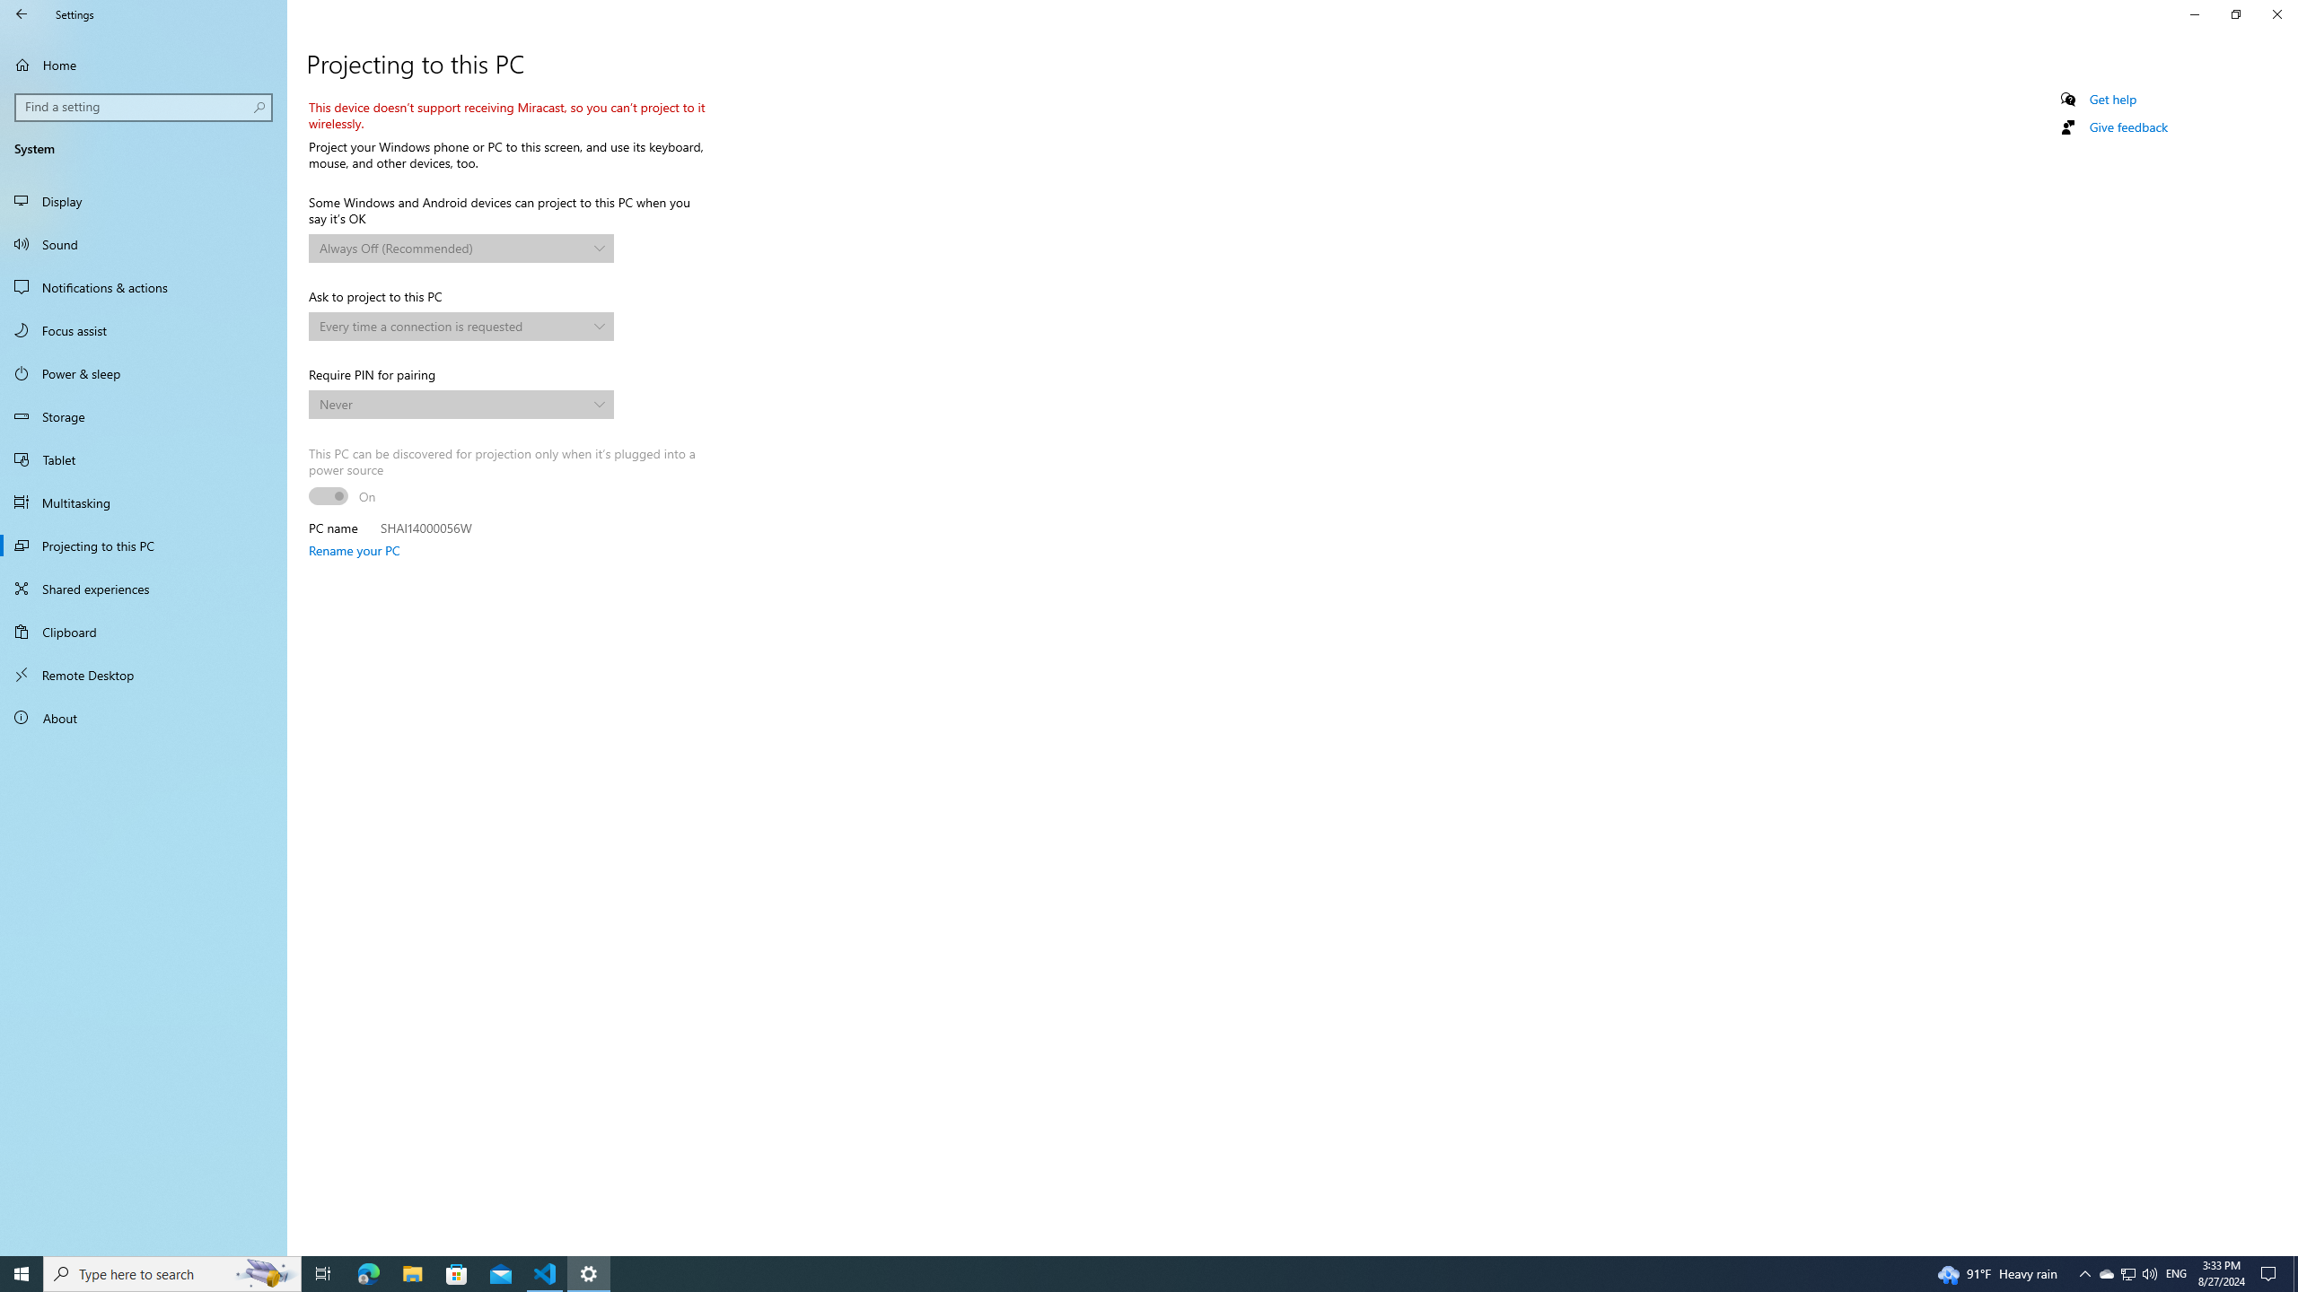 Image resolution: width=2298 pixels, height=1292 pixels. I want to click on 'Notifications & actions', so click(143, 286).